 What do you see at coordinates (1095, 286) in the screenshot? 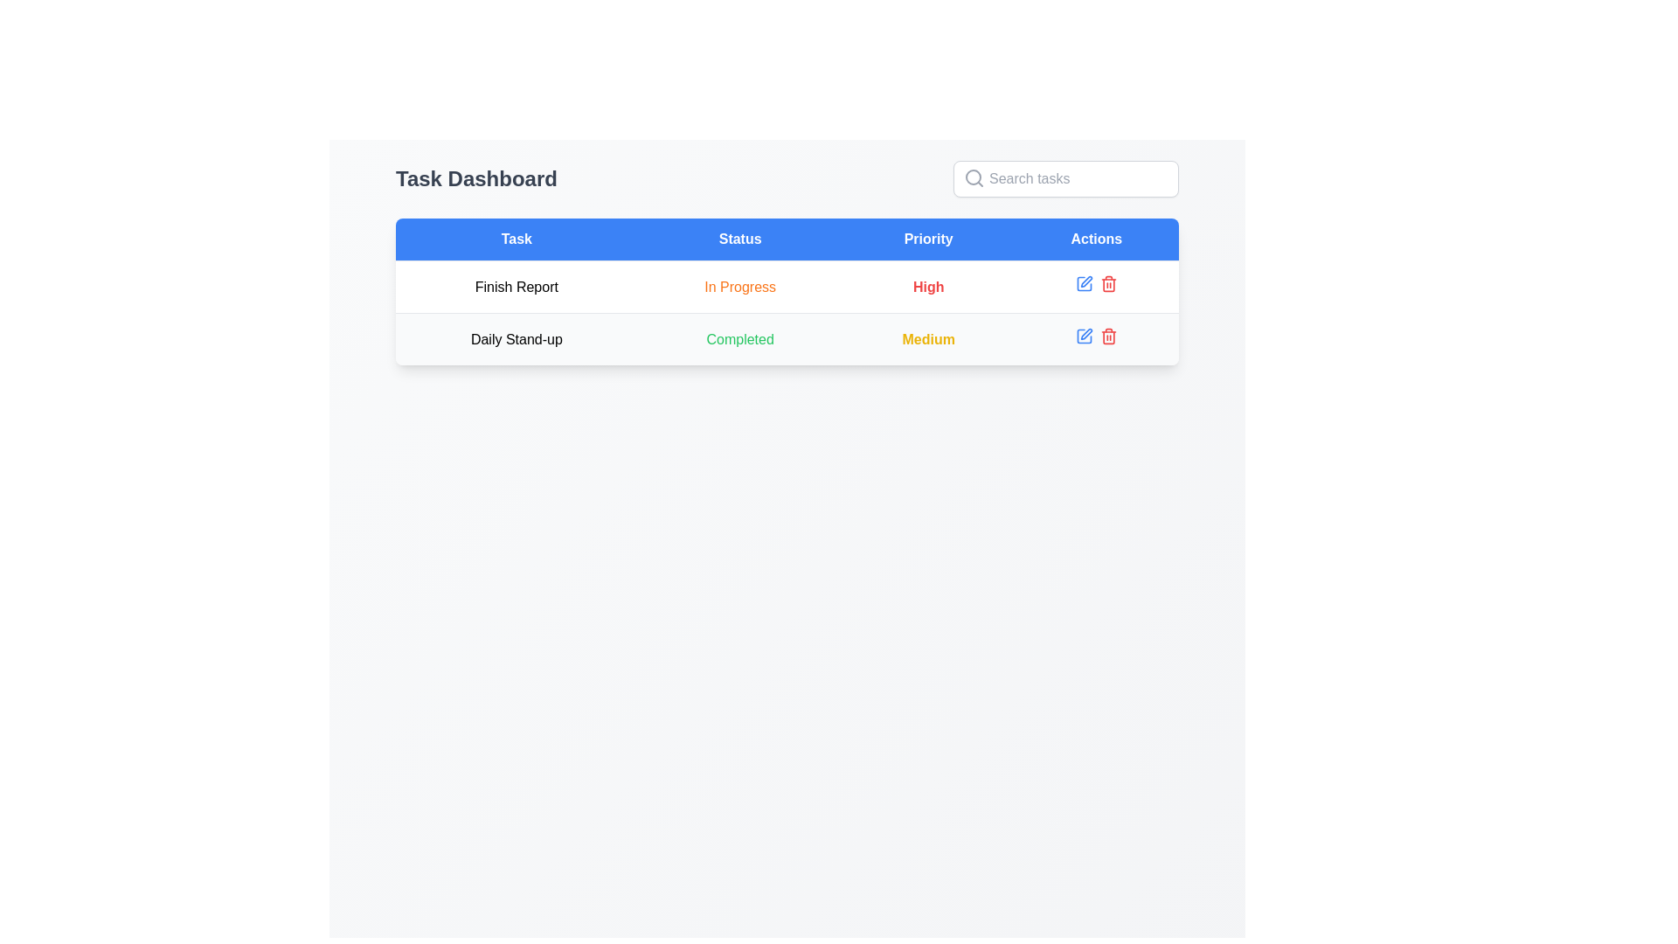
I see `the blue edit icon in the 'Actions' column of the table row corresponding to the 'Finish Report' task` at bounding box center [1095, 286].